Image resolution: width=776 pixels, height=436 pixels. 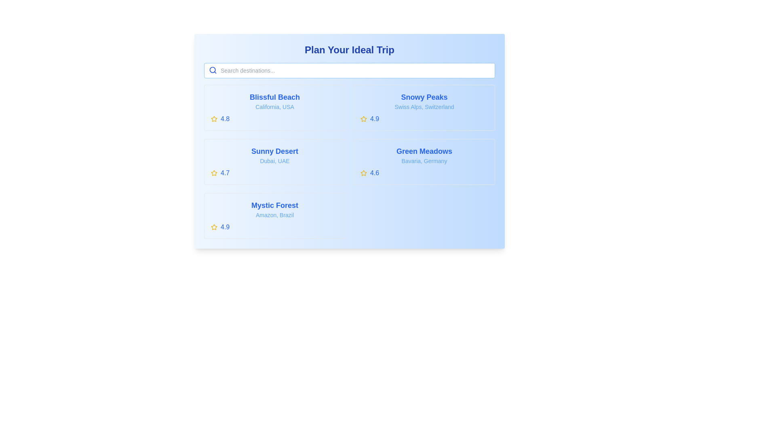 I want to click on the bold, blue text label reading 'Plan Your Ideal Trip', which is centrally positioned at the top of the card above the search input field, so click(x=349, y=50).